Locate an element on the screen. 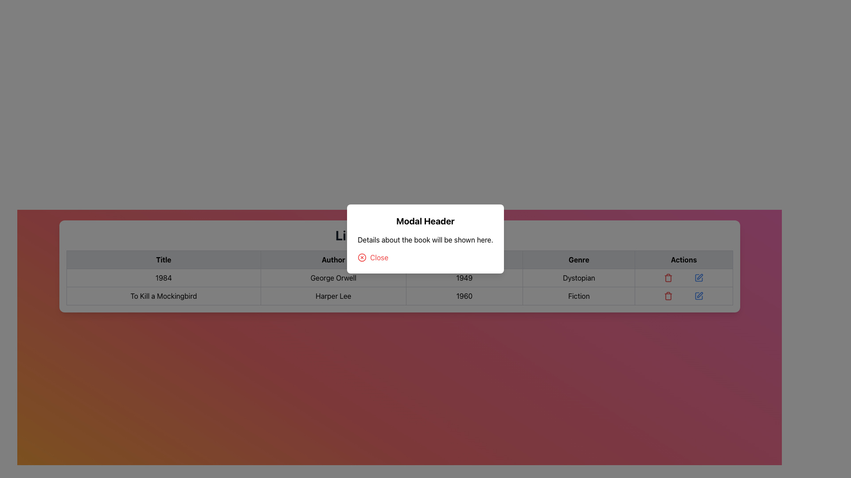  the first column header in the table that indicates the titles of items by moving the cursor to its center point is located at coordinates (164, 259).